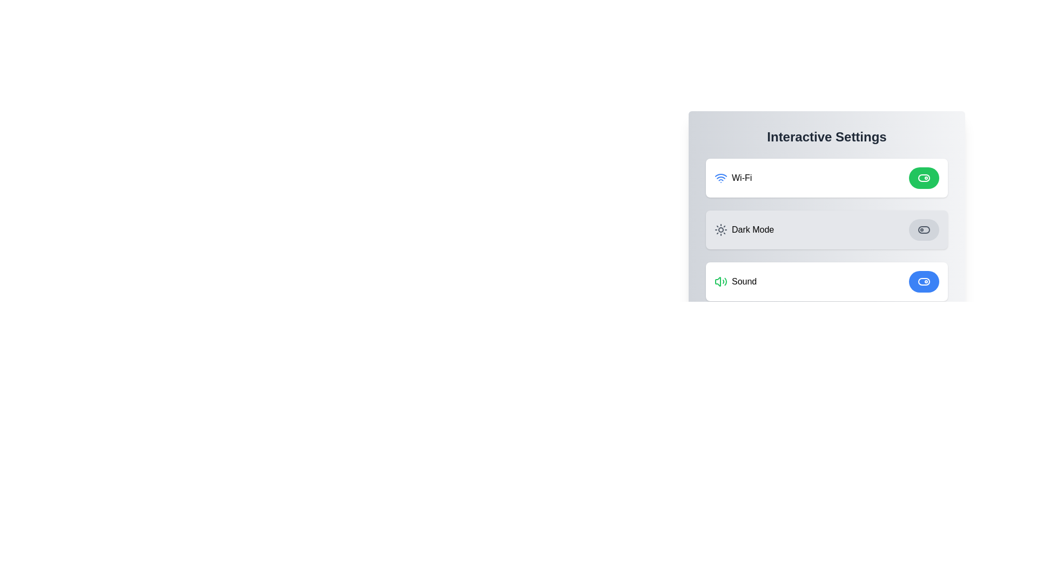 The width and height of the screenshot is (1037, 583). What do you see at coordinates (923, 281) in the screenshot?
I see `the toggle switch styled as an SVG icon, located in the 'Sound' settings option` at bounding box center [923, 281].